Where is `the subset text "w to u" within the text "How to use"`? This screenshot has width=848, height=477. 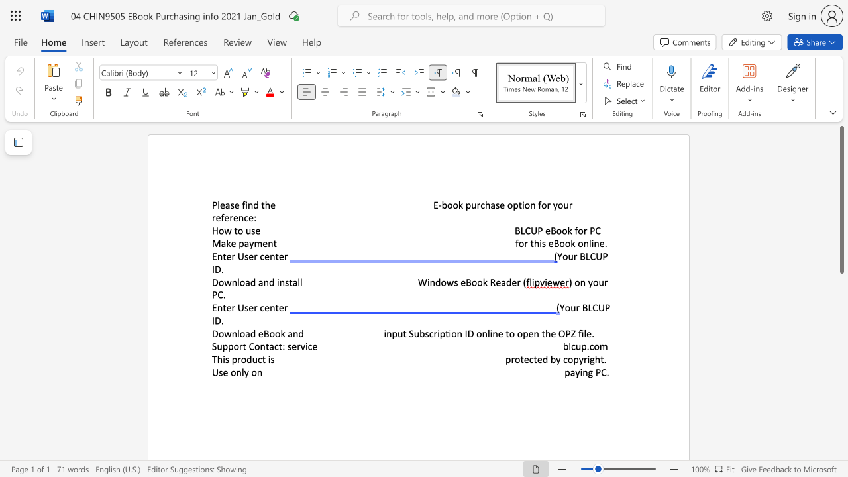 the subset text "w to u" within the text "How to use" is located at coordinates (224, 230).